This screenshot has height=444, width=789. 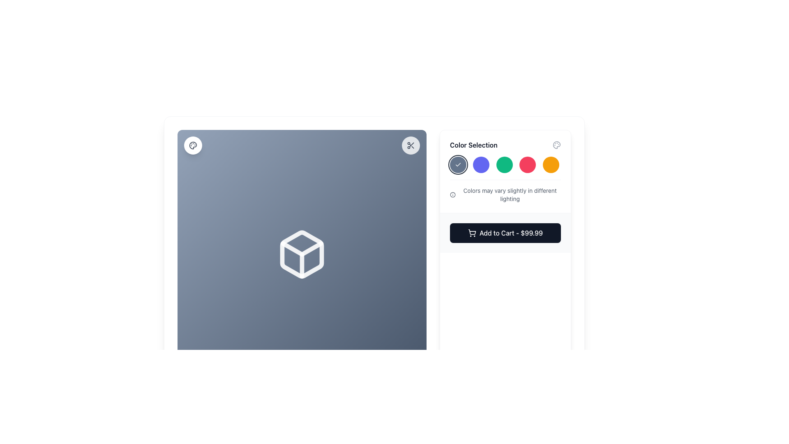 What do you see at coordinates (510, 233) in the screenshot?
I see `the button displaying 'Add to Cart - $99.99'` at bounding box center [510, 233].